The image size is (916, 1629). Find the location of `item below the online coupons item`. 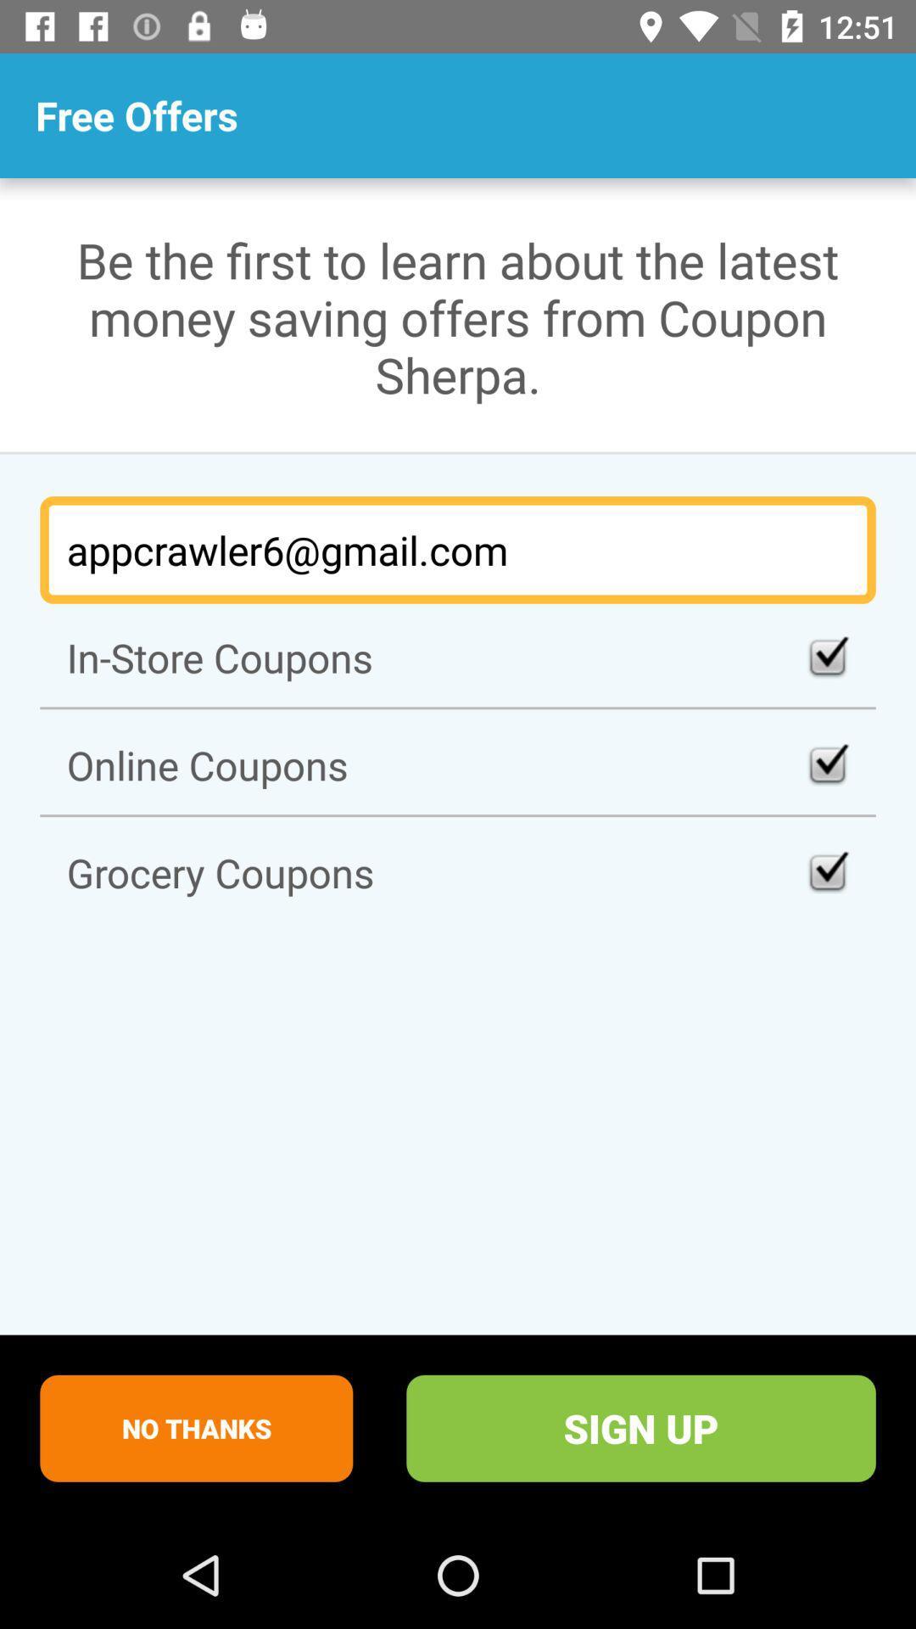

item below the online coupons item is located at coordinates (458, 872).